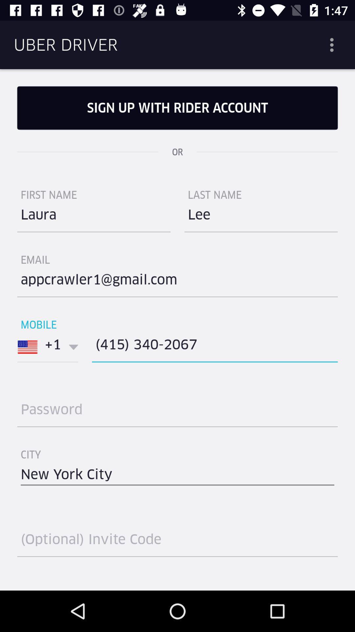 The image size is (355, 632). What do you see at coordinates (177, 282) in the screenshot?
I see `the item above the mobile icon` at bounding box center [177, 282].